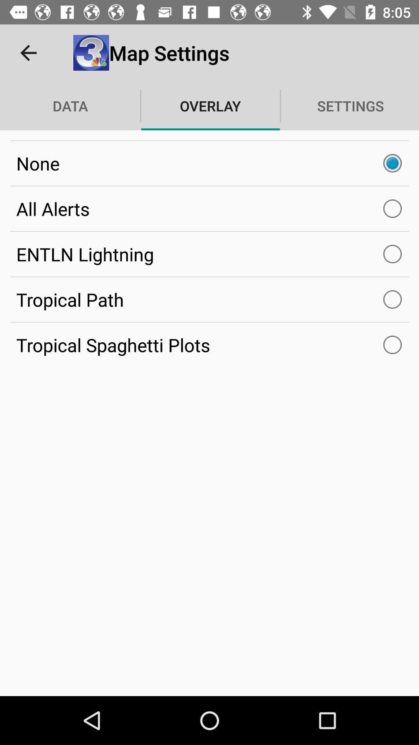  I want to click on tropical path icon, so click(209, 299).